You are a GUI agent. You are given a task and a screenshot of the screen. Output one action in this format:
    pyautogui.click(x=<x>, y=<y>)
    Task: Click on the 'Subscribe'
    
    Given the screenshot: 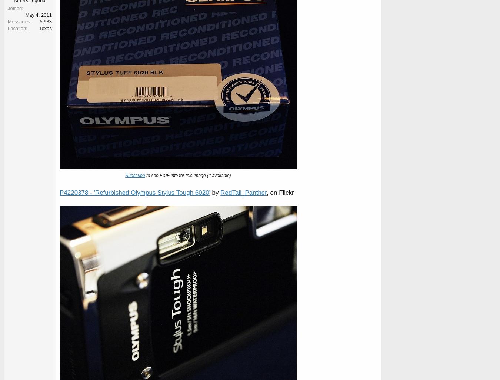 What is the action you would take?
    pyautogui.click(x=135, y=175)
    